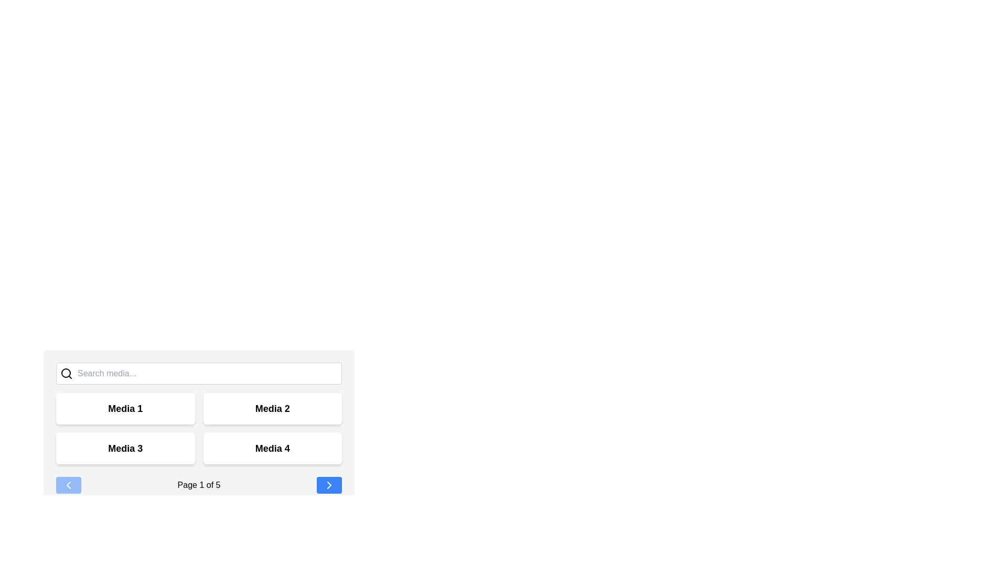 This screenshot has width=1007, height=566. What do you see at coordinates (65, 373) in the screenshot?
I see `hollow circular part of the magnifying glass icon located in the top-left position of the search bar by clicking on it` at bounding box center [65, 373].